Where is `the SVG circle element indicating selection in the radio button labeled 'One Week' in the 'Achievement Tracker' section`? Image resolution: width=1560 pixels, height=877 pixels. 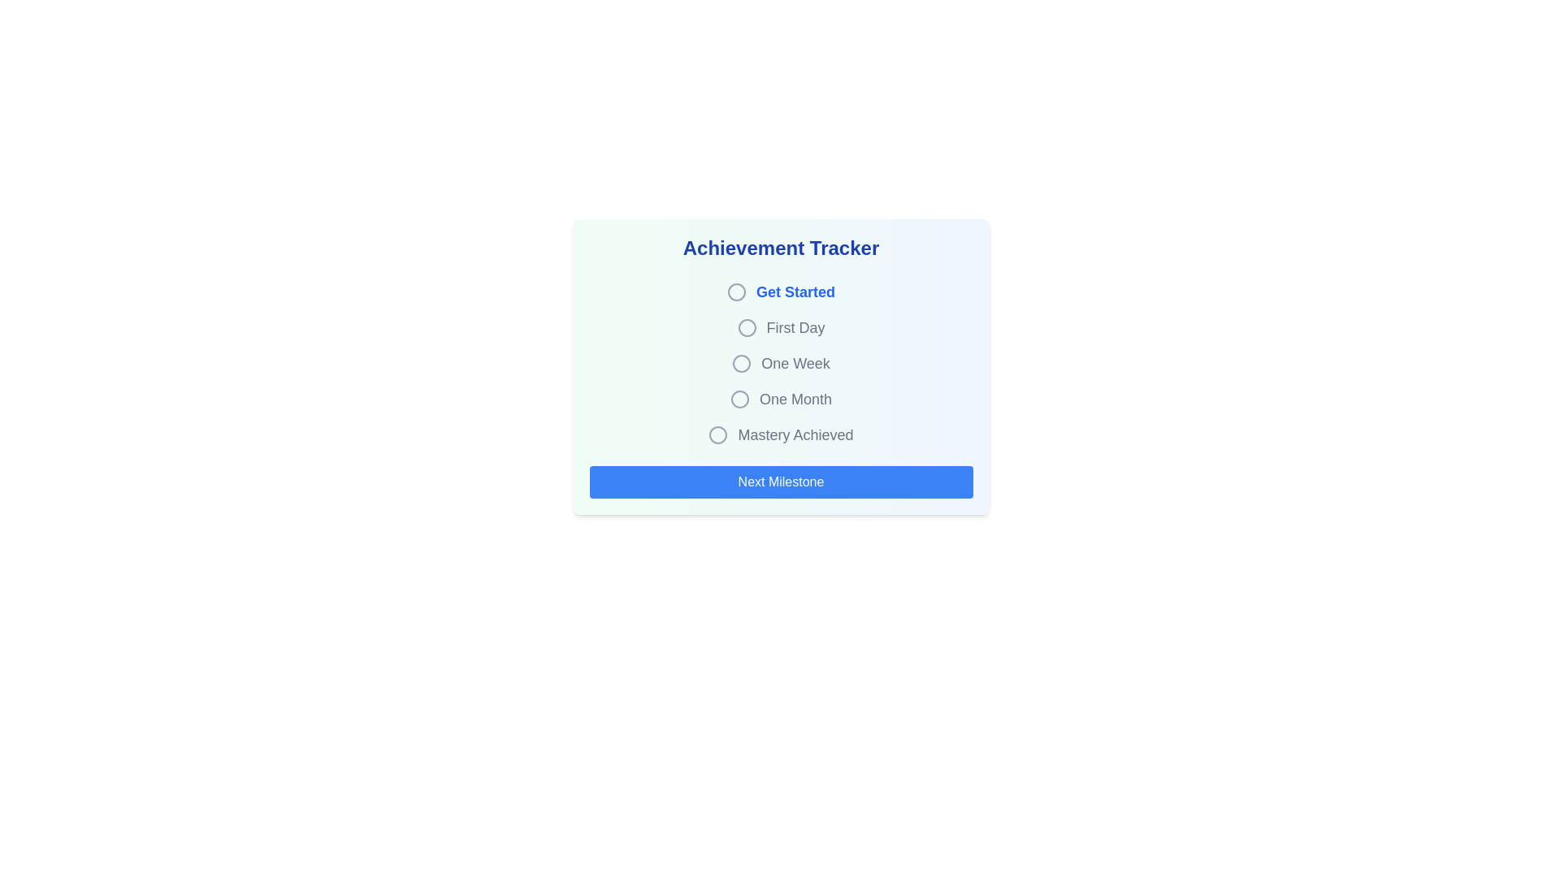 the SVG circle element indicating selection in the radio button labeled 'One Week' in the 'Achievement Tracker' section is located at coordinates (741, 362).